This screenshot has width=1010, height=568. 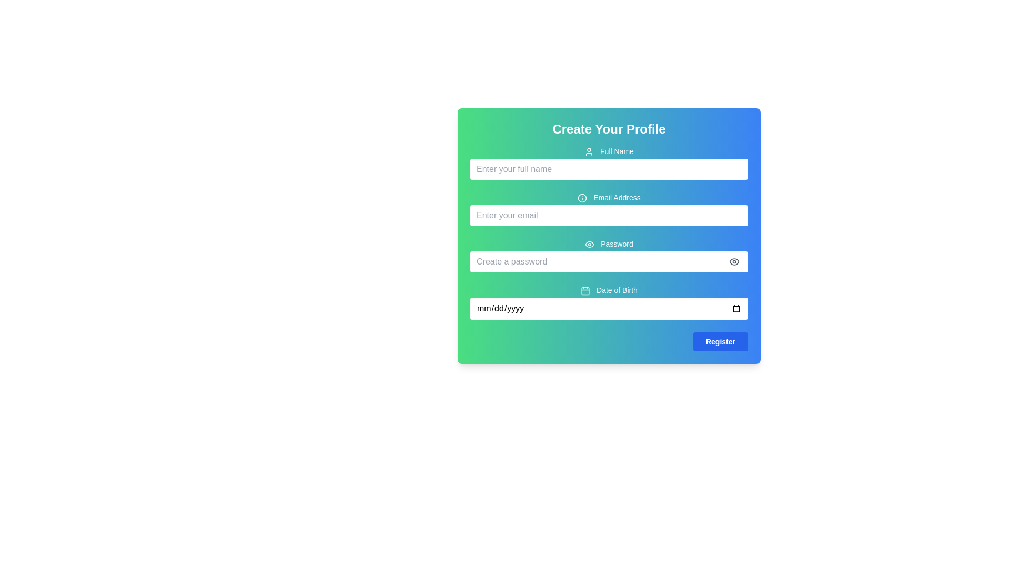 What do you see at coordinates (720, 342) in the screenshot?
I see `the submission button located at the bottom-right corner of the form` at bounding box center [720, 342].